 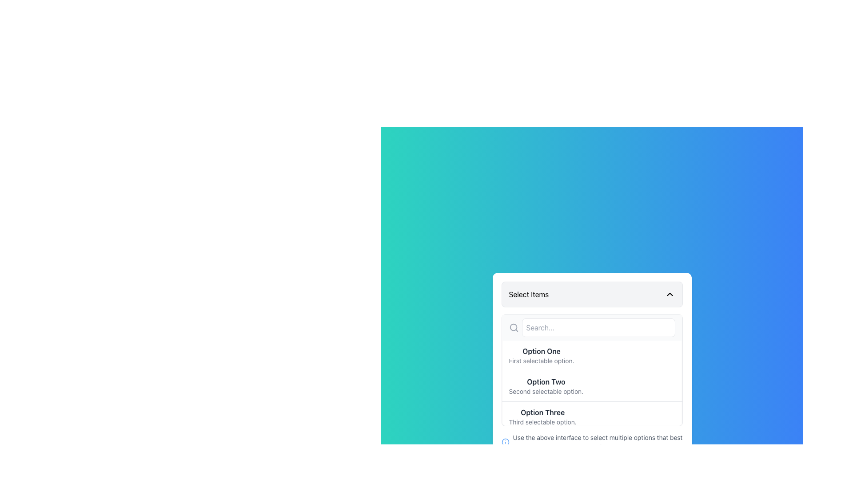 I want to click on the list item labeled 'Option Two' with subtext 'Second selectable option.', so click(x=592, y=385).